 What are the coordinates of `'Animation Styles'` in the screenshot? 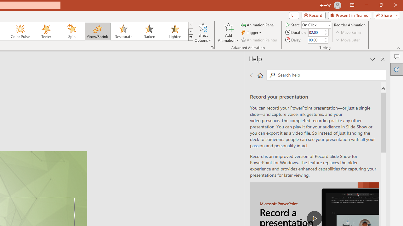 It's located at (190, 38).